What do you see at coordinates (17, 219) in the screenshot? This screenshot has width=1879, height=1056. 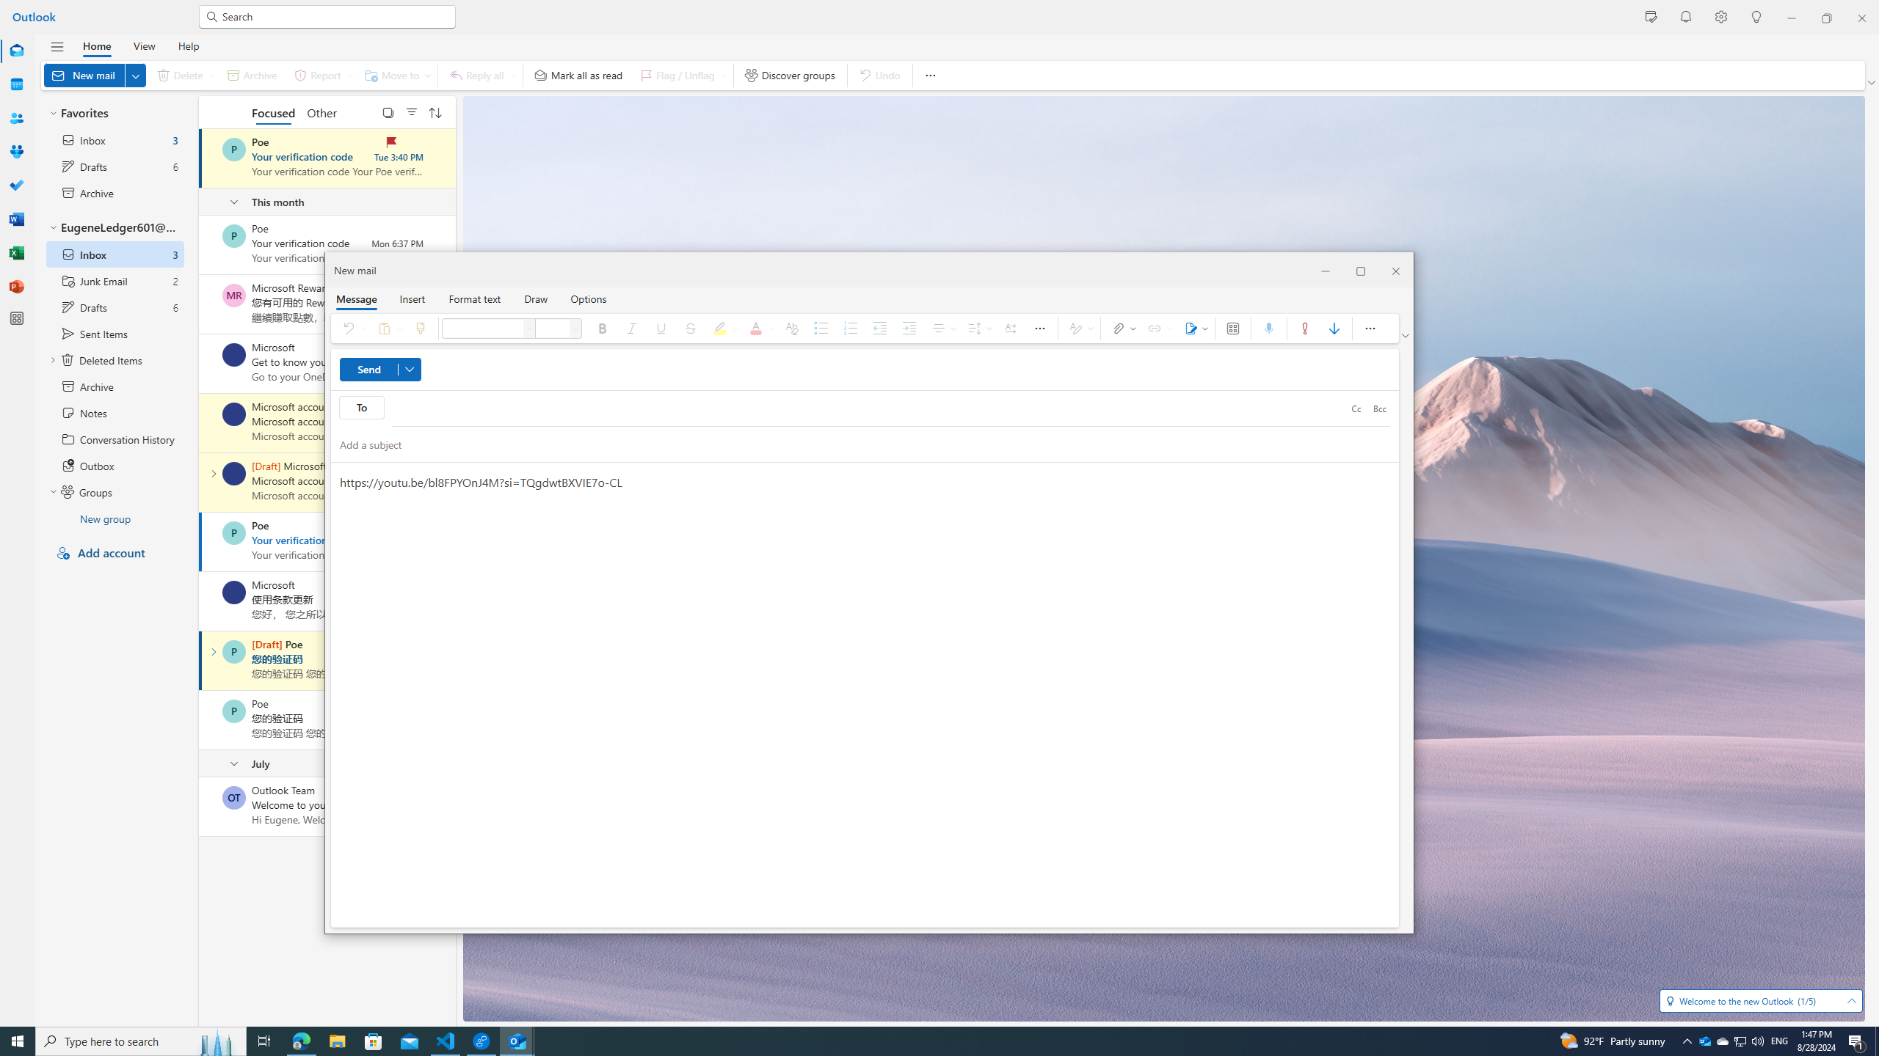 I see `'Word'` at bounding box center [17, 219].